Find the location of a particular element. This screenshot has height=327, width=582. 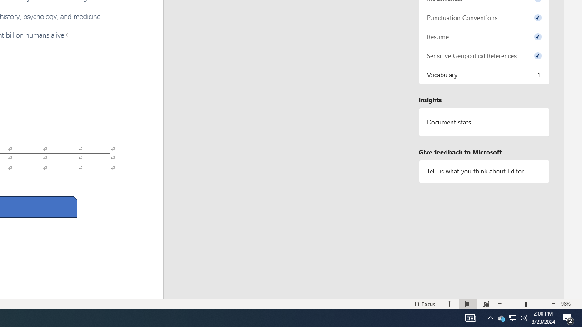

'Document statistics' is located at coordinates (483, 122).